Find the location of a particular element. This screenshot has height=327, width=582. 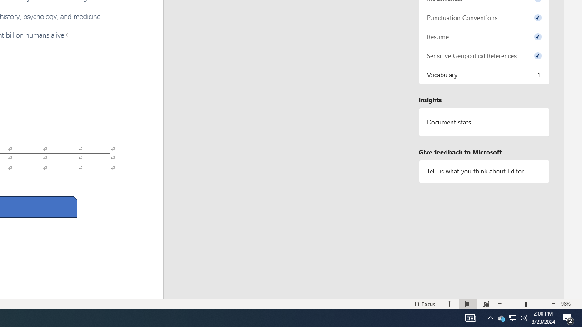

'Document statistics' is located at coordinates (483, 122).